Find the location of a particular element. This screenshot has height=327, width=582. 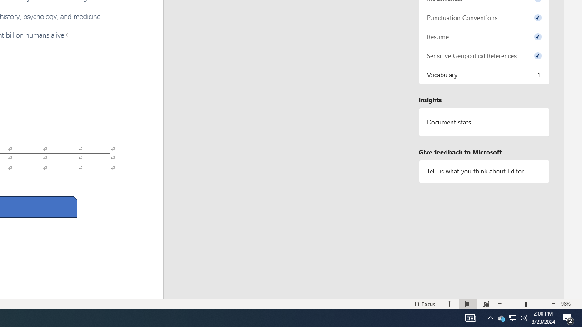

'Document statistics' is located at coordinates (483, 122).